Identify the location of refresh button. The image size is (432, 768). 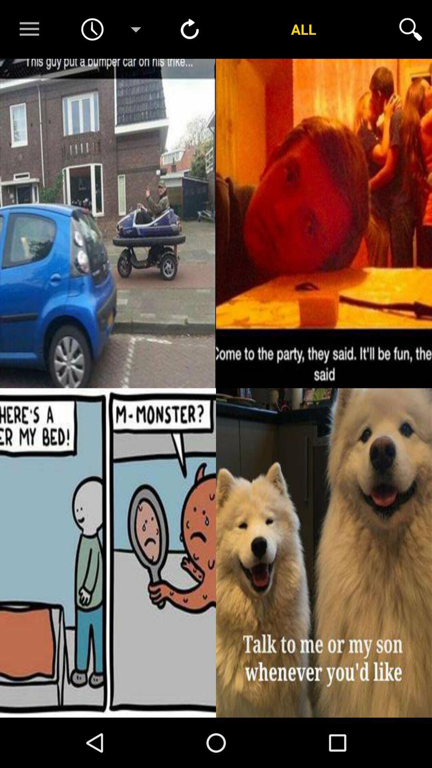
(190, 29).